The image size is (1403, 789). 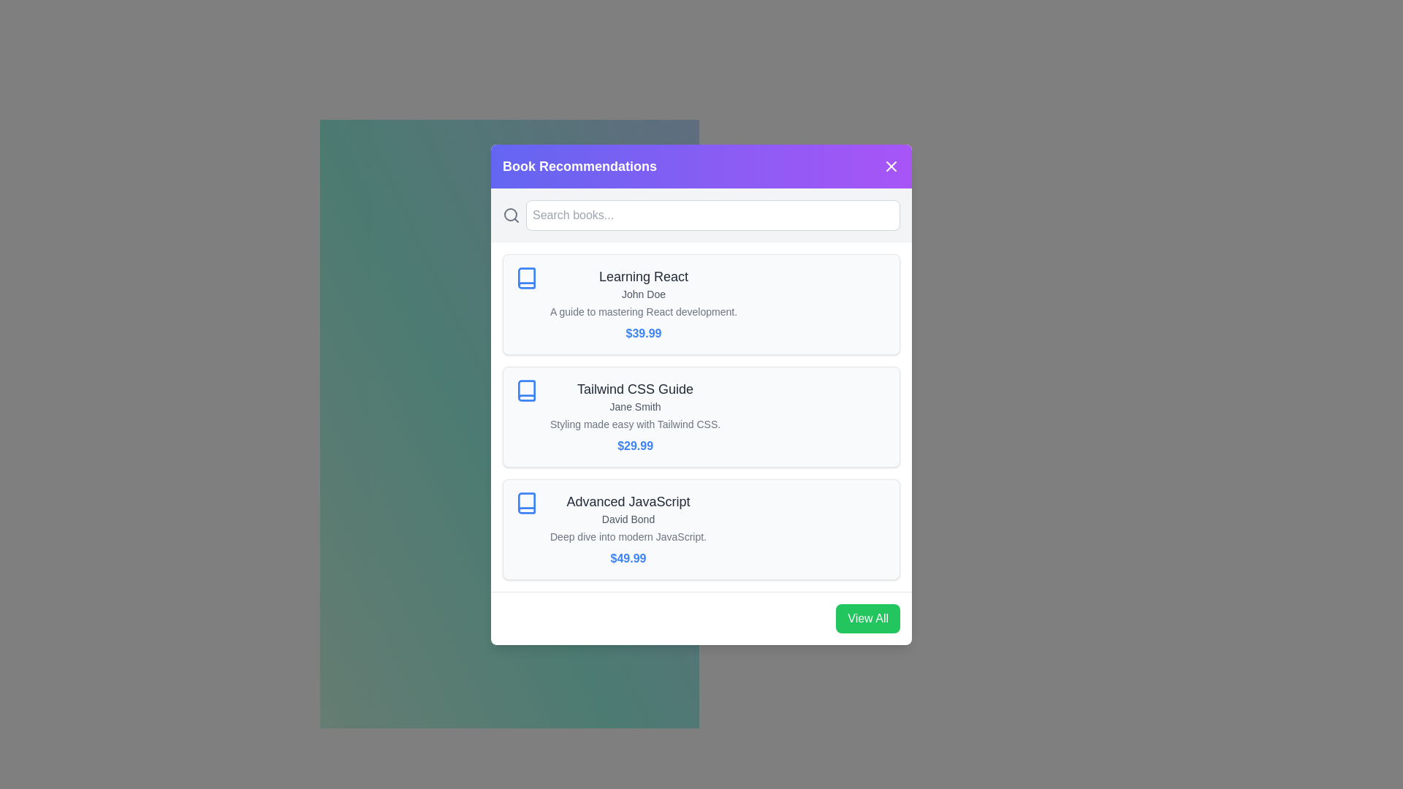 I want to click on the static text block that describes the book 'Tailwind CSS Guide', located between the author name 'Jane Smith' and the price '$29.99', so click(x=635, y=424).